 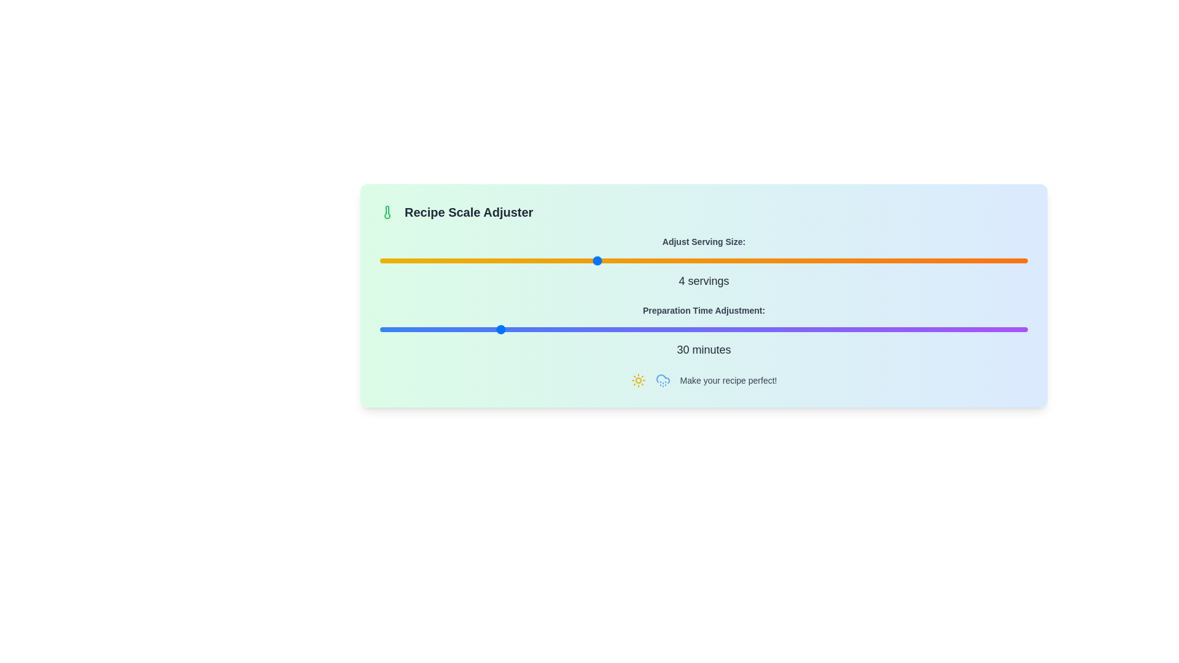 What do you see at coordinates (839, 328) in the screenshot?
I see `the preparation time` at bounding box center [839, 328].